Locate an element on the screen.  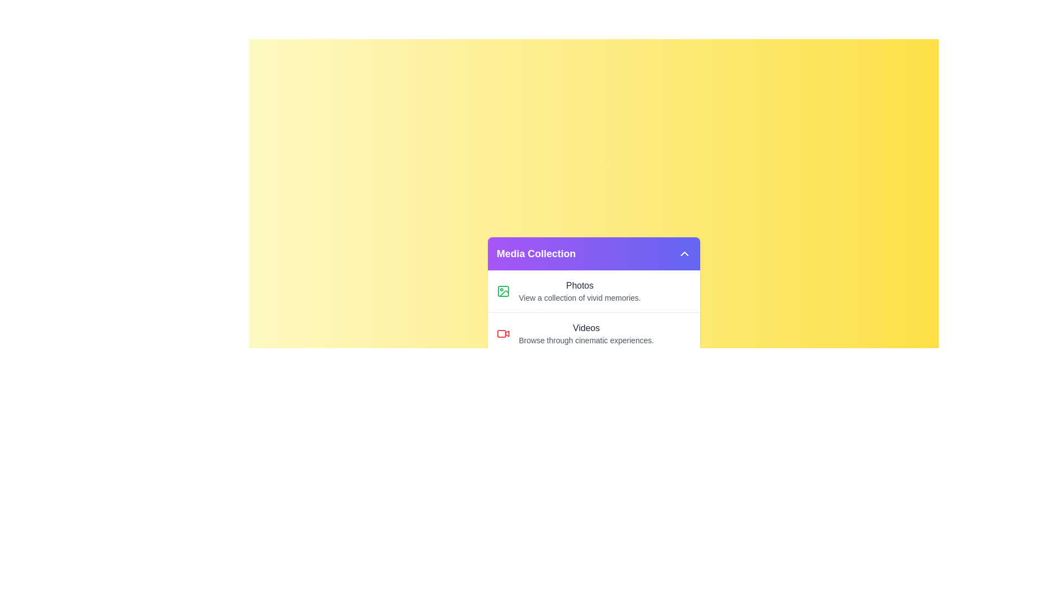
the list item corresponding to Videos is located at coordinates (593, 333).